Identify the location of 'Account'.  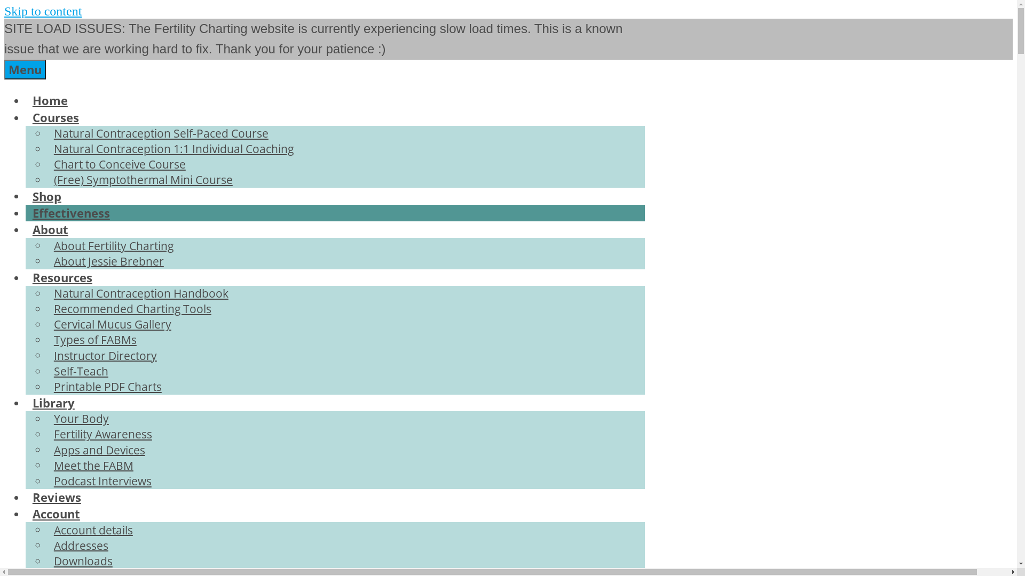
(56, 513).